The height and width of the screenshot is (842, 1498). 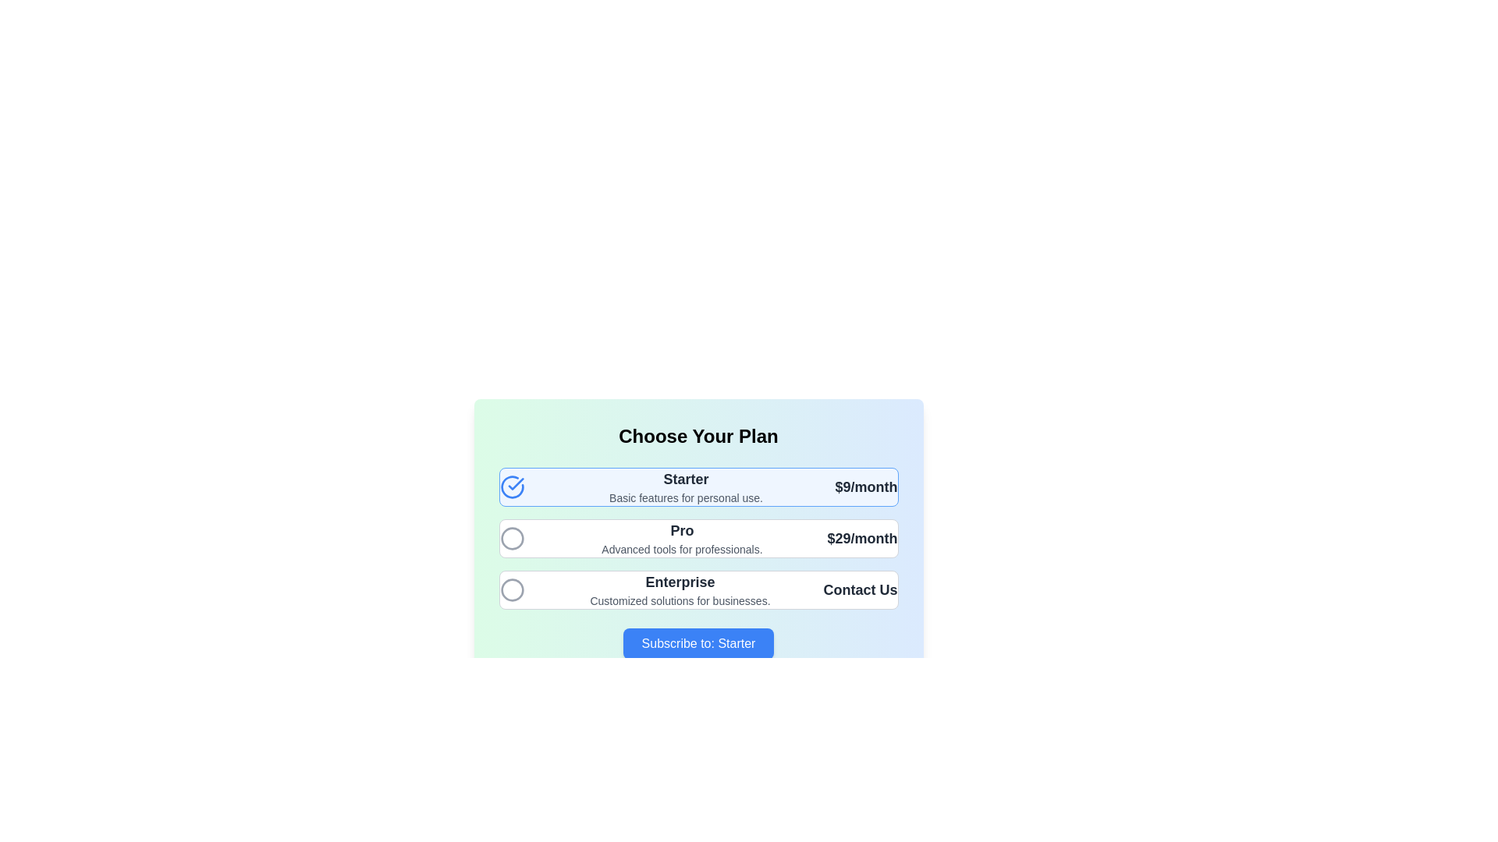 What do you see at coordinates (698, 486) in the screenshot?
I see `the 'Starter' subscription plan option` at bounding box center [698, 486].